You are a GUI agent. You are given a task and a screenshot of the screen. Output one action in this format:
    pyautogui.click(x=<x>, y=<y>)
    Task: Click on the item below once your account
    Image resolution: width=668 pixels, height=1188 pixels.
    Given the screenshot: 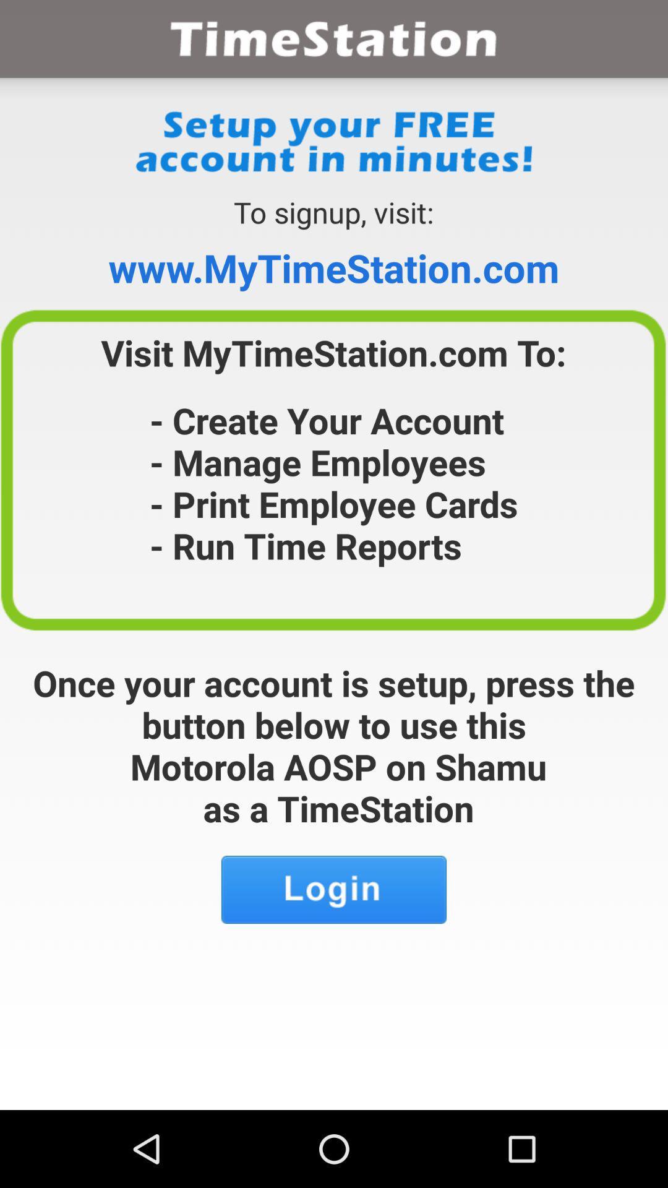 What is the action you would take?
    pyautogui.click(x=334, y=889)
    